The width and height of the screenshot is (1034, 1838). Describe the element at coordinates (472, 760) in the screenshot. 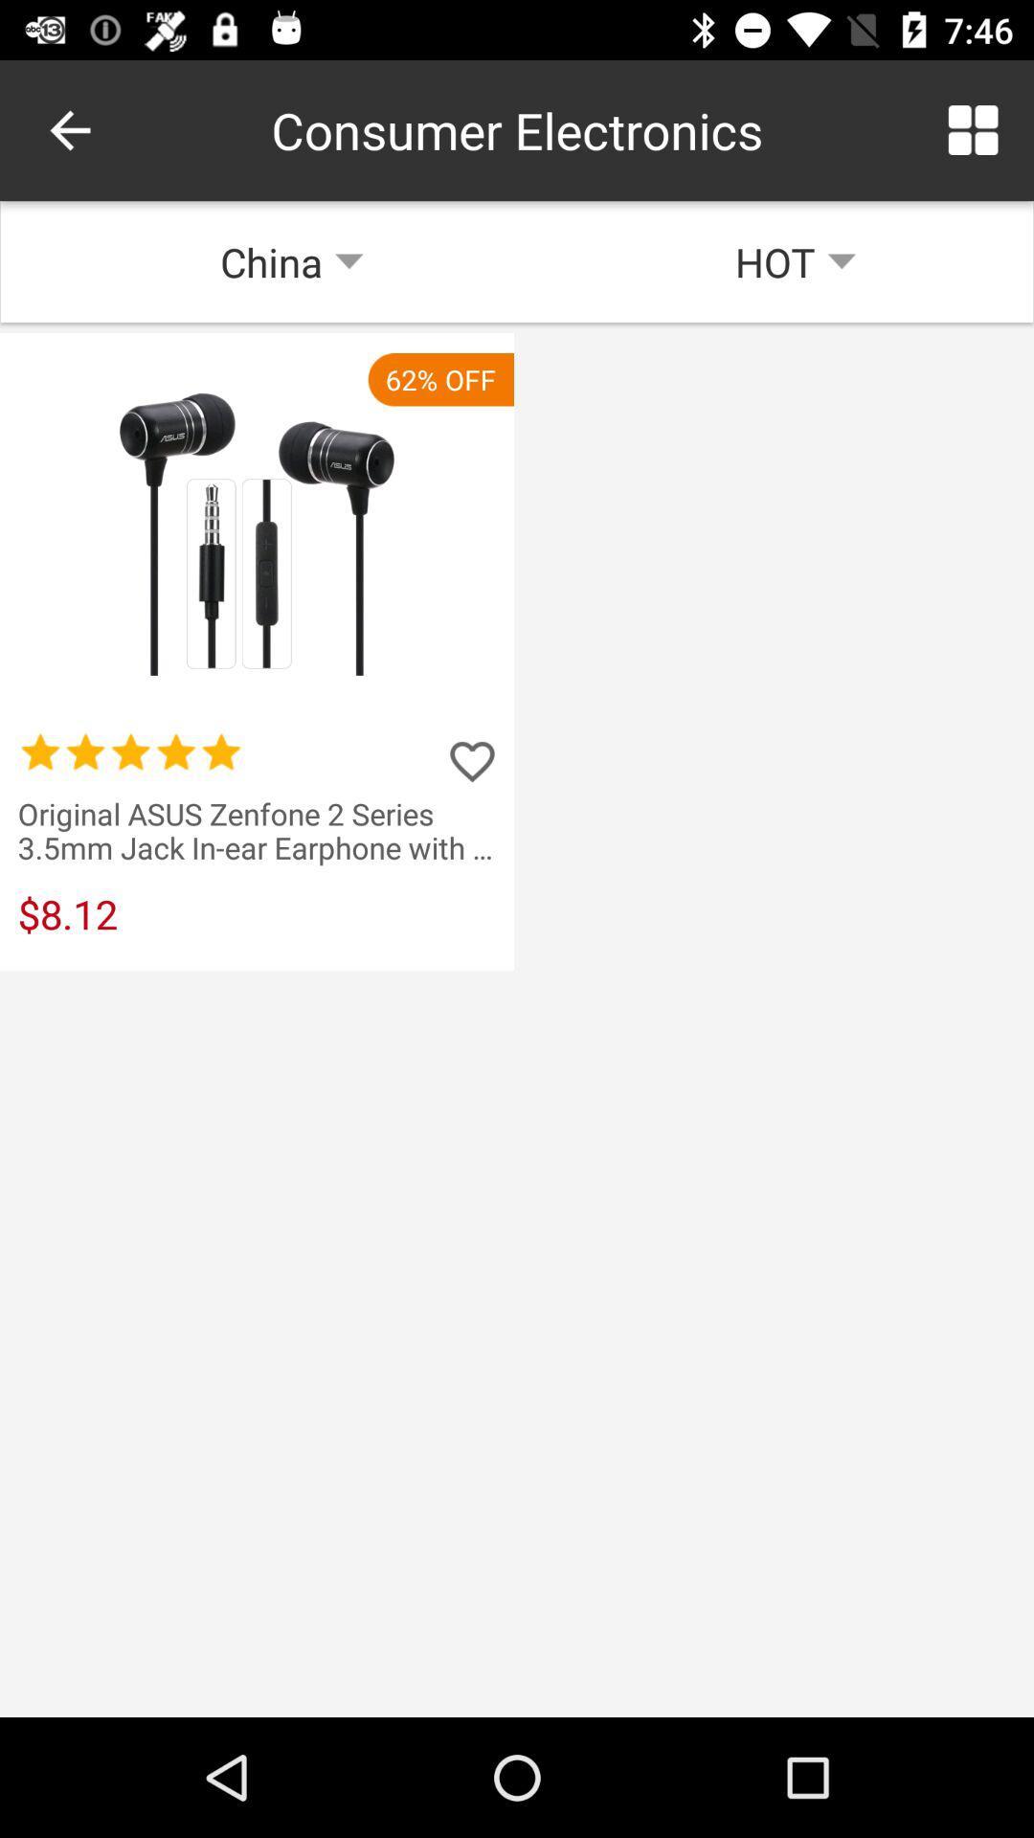

I see `mark it favourite option` at that location.